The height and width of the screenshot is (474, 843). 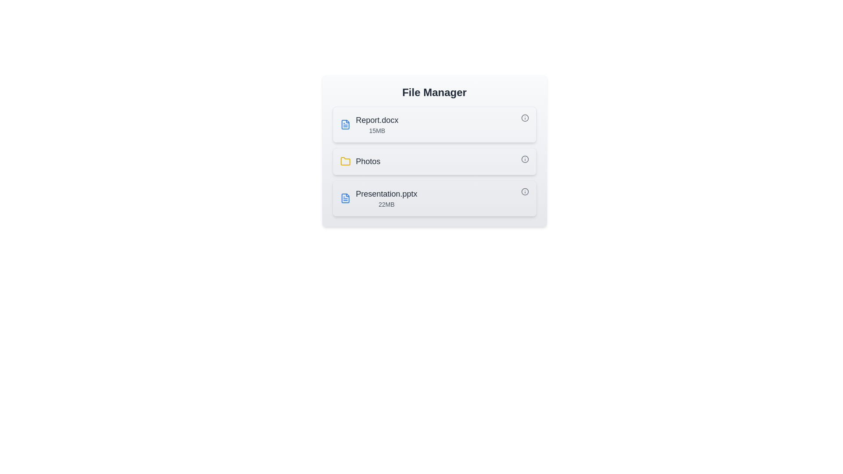 What do you see at coordinates (525, 159) in the screenshot?
I see `the info icon corresponding to Photos` at bounding box center [525, 159].